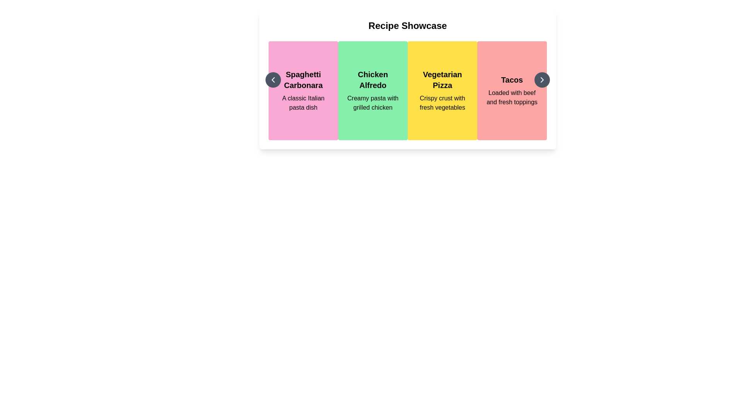 This screenshot has height=417, width=742. I want to click on the rightward chevron icon located within the SVG group on the right side of the 'Tacos' card, so click(541, 80).